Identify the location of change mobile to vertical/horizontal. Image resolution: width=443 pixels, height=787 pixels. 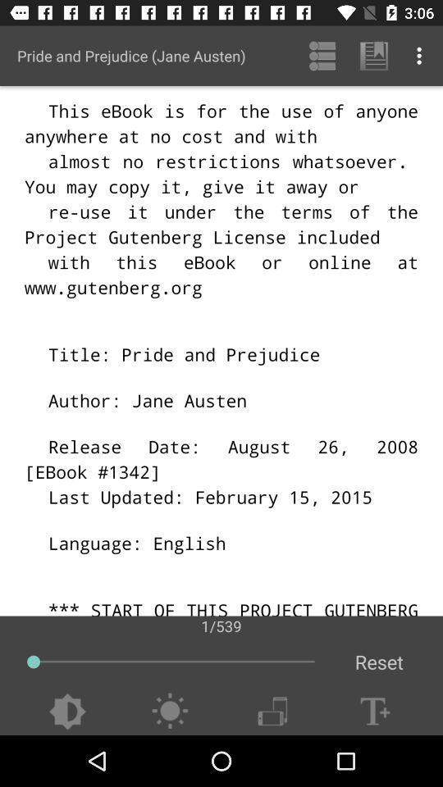
(272, 711).